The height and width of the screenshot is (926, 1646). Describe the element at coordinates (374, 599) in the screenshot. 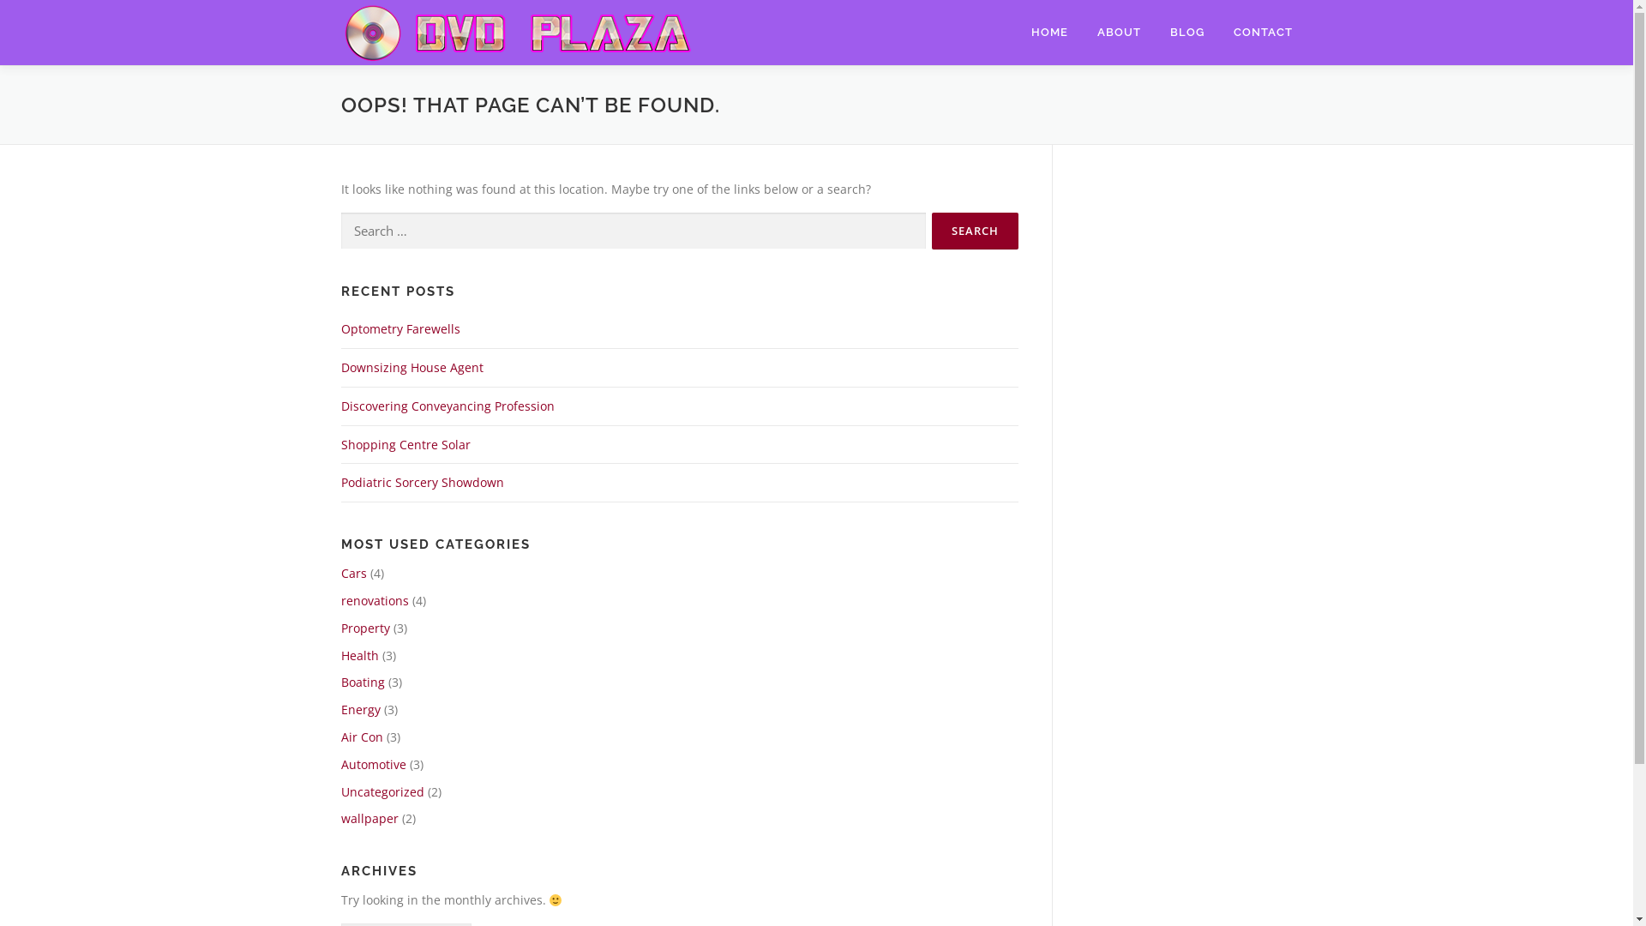

I see `'renovations'` at that location.